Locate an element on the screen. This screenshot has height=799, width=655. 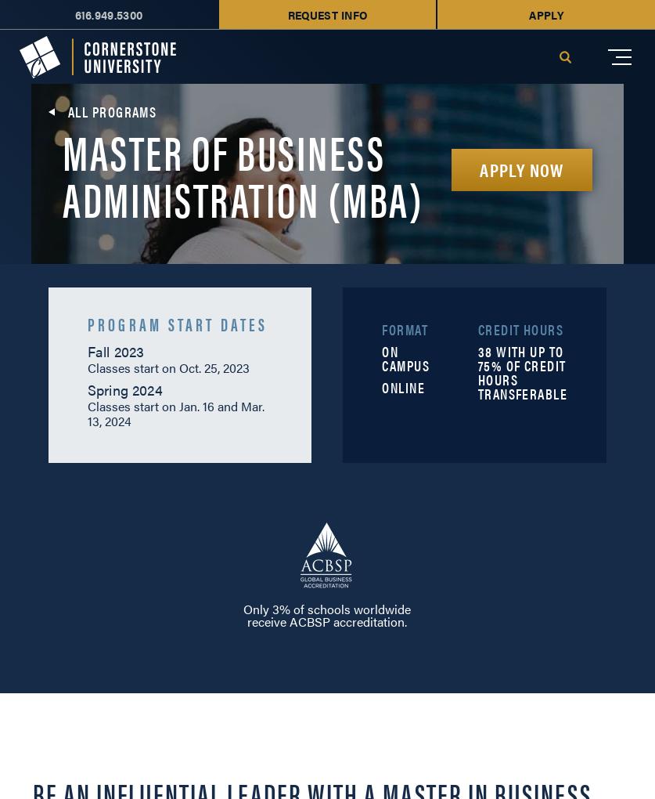
'Fall 2023' is located at coordinates (114, 350).